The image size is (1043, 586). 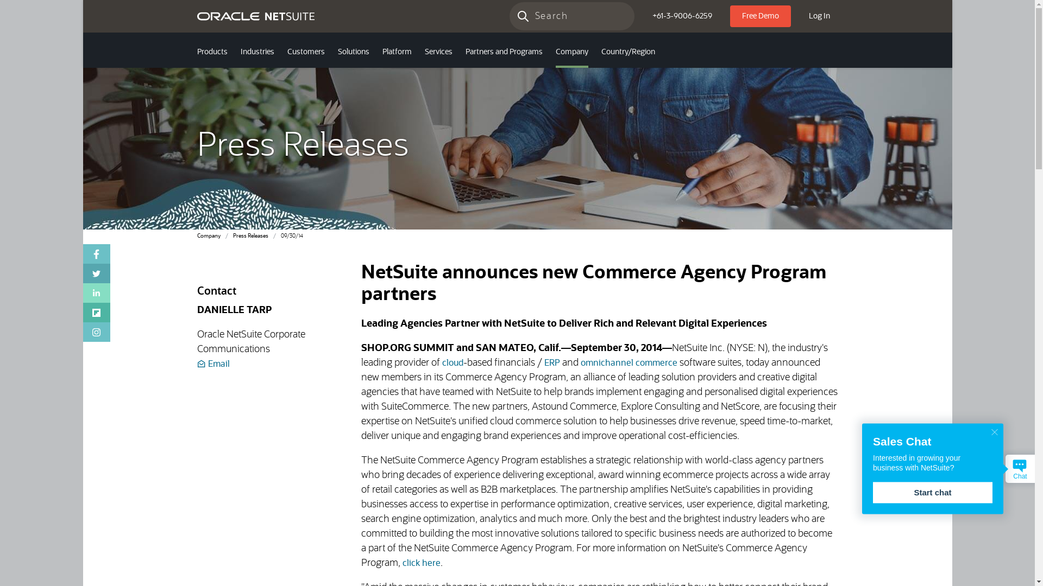 I want to click on 'Log In', so click(x=819, y=16).